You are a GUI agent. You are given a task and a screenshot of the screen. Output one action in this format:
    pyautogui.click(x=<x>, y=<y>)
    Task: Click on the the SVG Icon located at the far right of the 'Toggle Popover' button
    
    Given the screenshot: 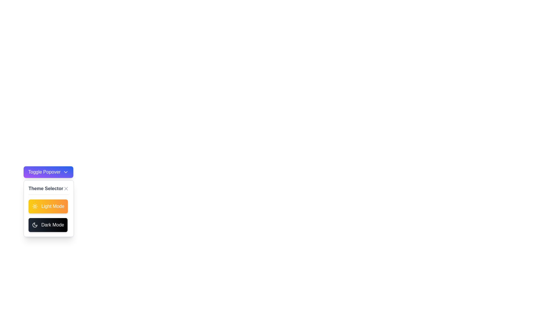 What is the action you would take?
    pyautogui.click(x=66, y=172)
    